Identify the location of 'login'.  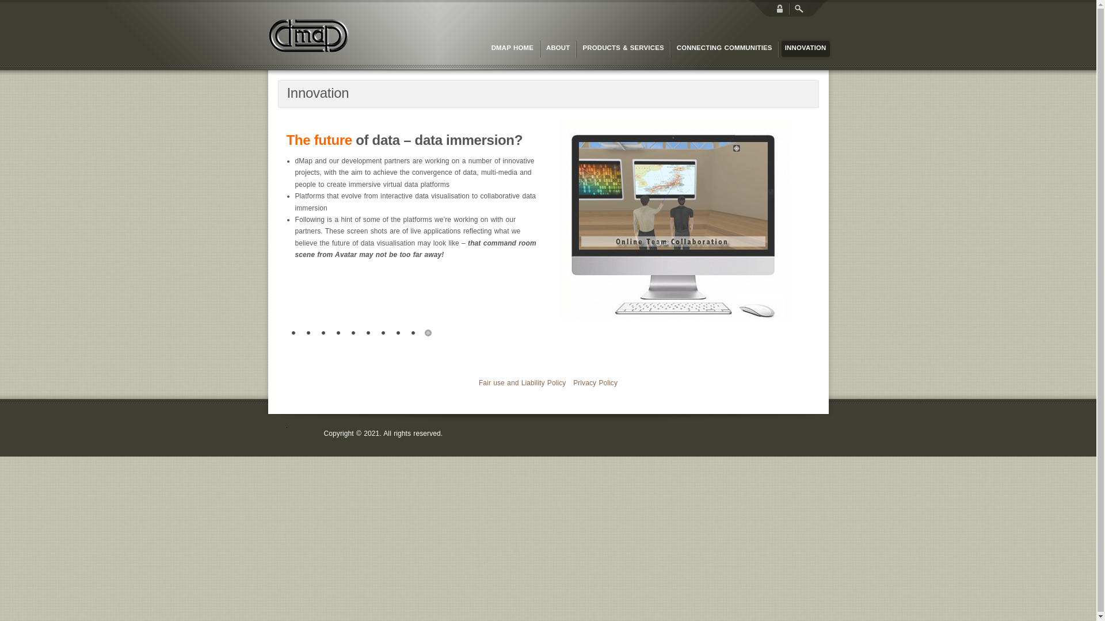
(779, 9).